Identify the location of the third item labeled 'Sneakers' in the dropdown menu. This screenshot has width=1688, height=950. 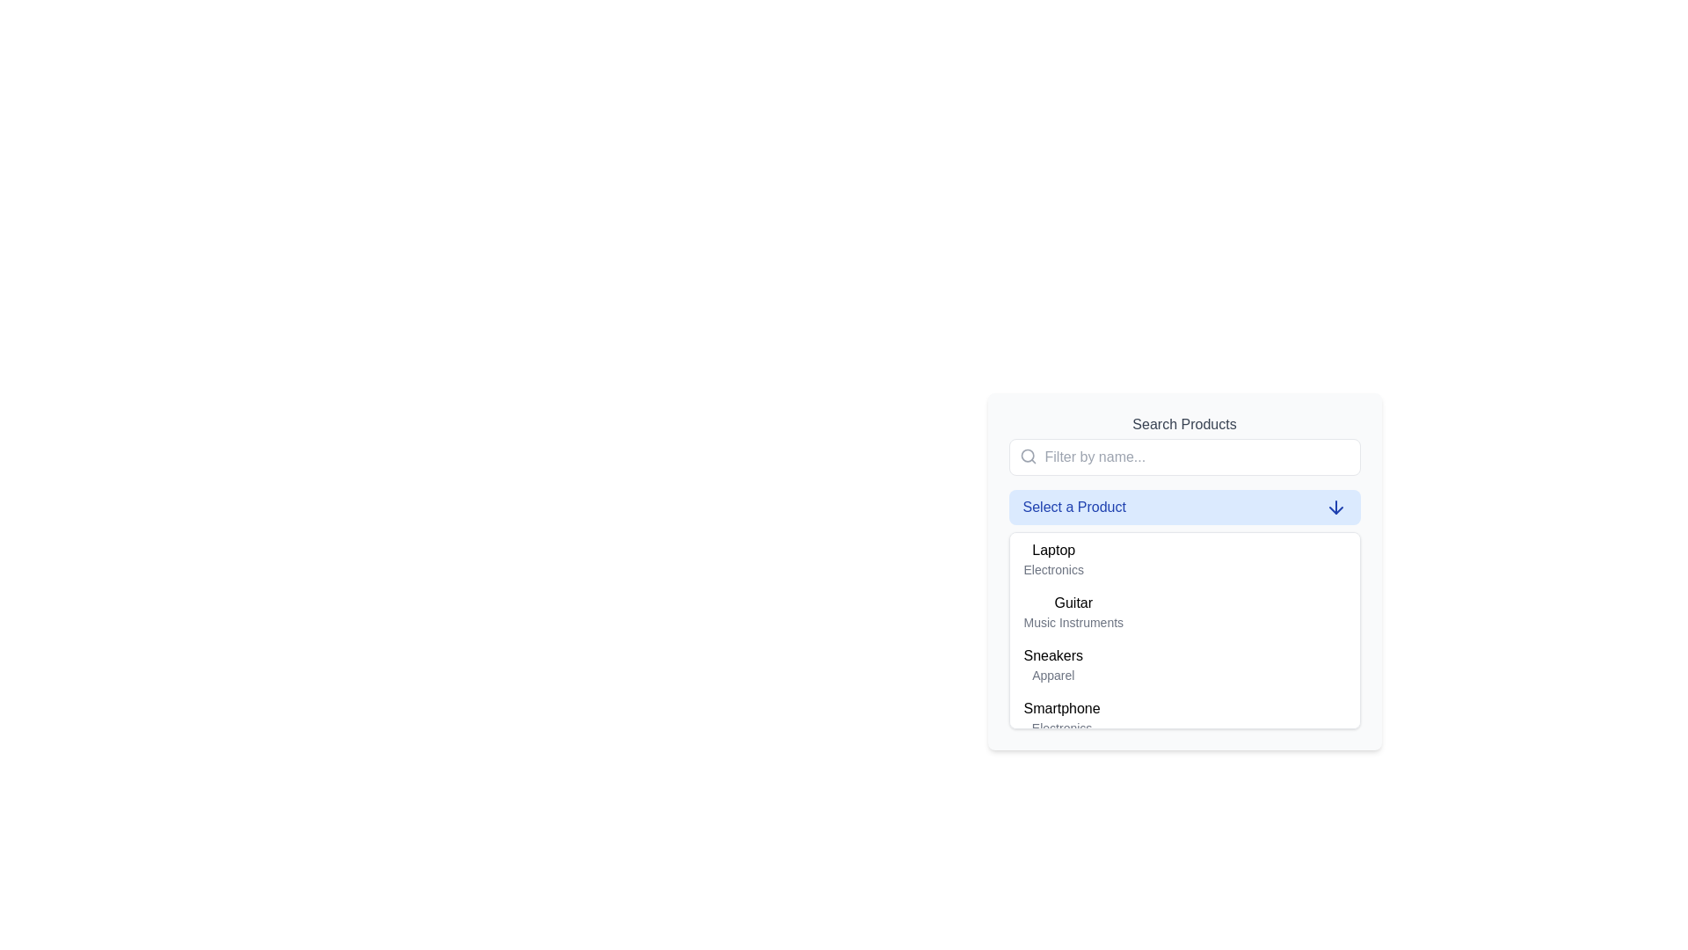
(1053, 665).